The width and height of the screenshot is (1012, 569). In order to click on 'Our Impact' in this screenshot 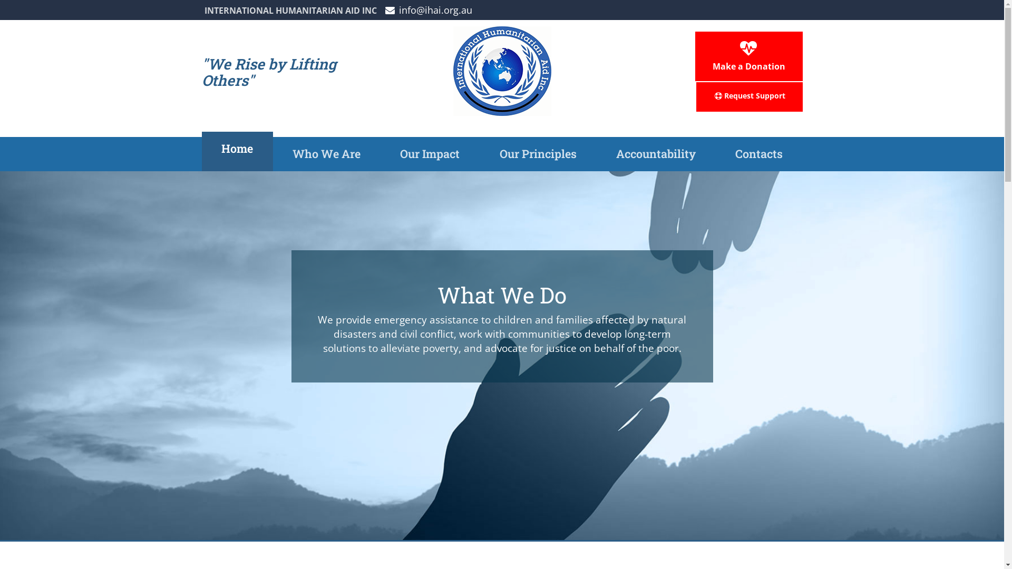, I will do `click(10, 120)`.